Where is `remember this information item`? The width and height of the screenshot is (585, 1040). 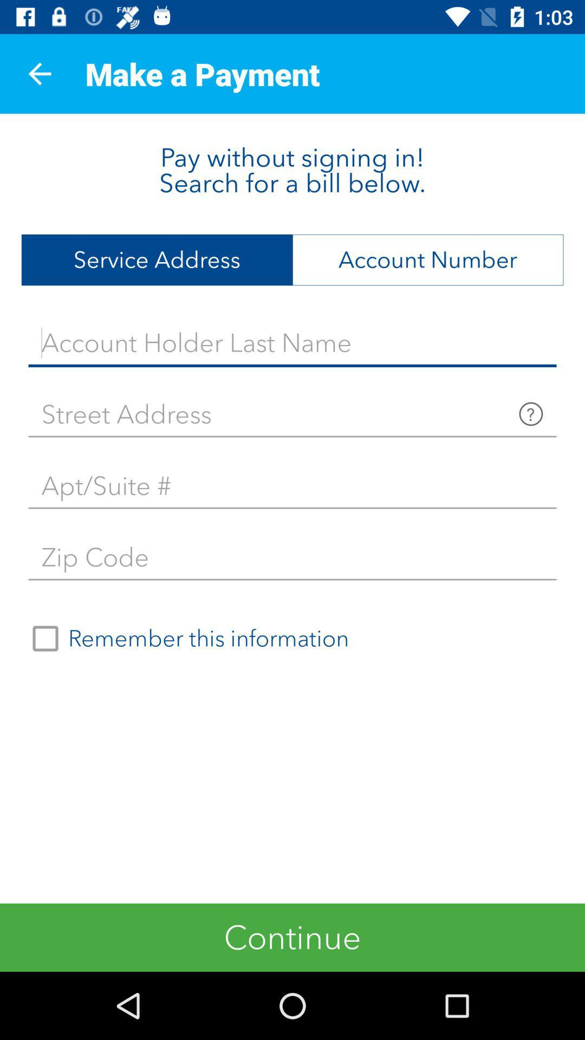 remember this information item is located at coordinates (185, 639).